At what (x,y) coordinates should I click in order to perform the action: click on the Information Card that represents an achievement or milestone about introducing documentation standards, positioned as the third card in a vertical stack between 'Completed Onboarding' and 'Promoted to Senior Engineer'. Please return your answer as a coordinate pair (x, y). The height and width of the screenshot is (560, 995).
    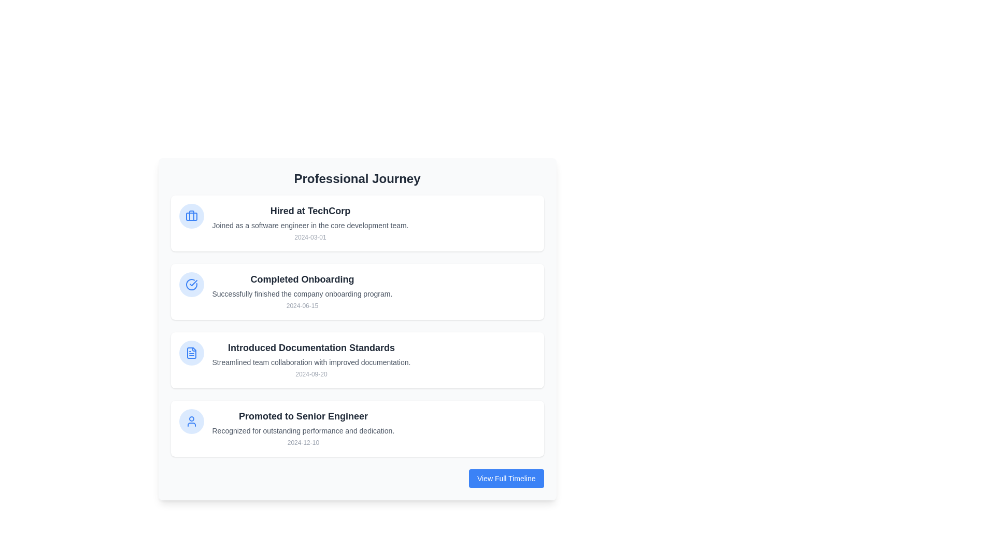
    Looking at the image, I should click on (357, 359).